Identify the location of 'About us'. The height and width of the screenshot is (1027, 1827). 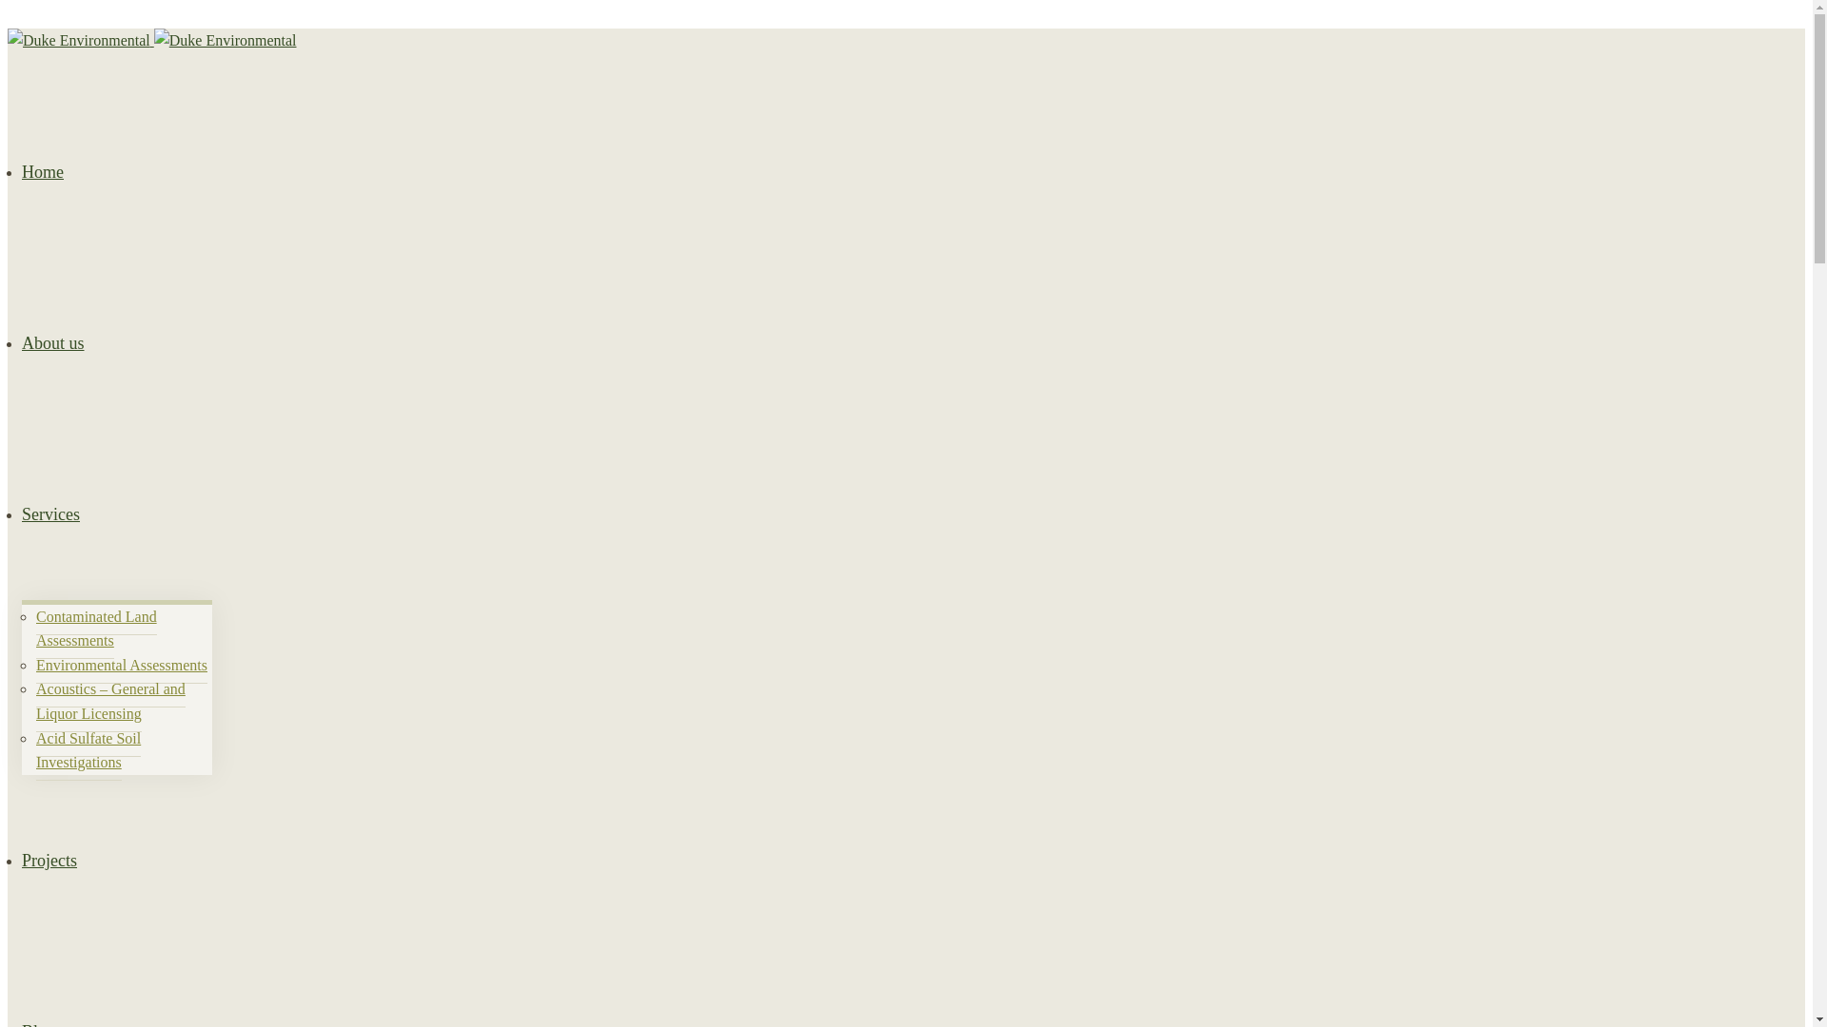
(53, 343).